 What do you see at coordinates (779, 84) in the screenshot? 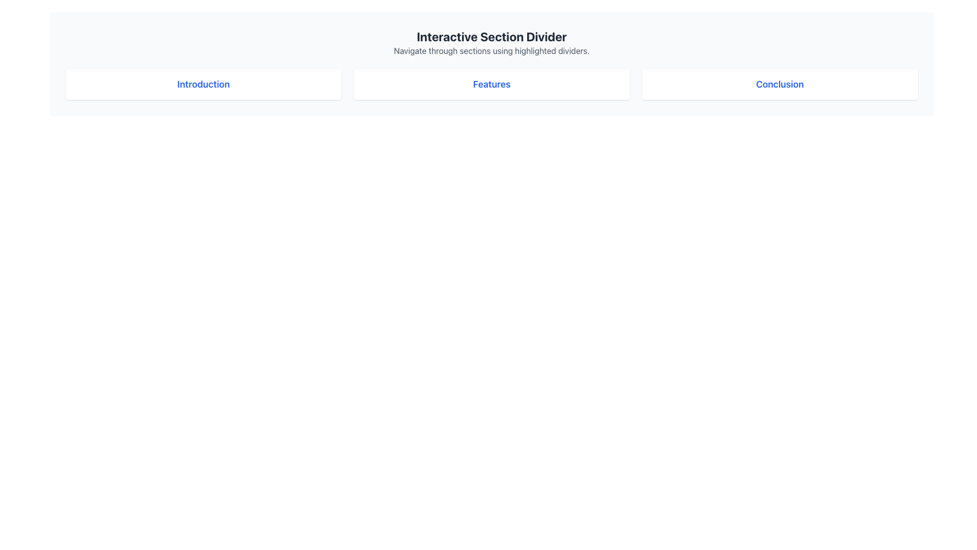
I see `text content of the label 'Conclusion', which is located within a white rounded rectangular box on the far right of a section row` at bounding box center [779, 84].